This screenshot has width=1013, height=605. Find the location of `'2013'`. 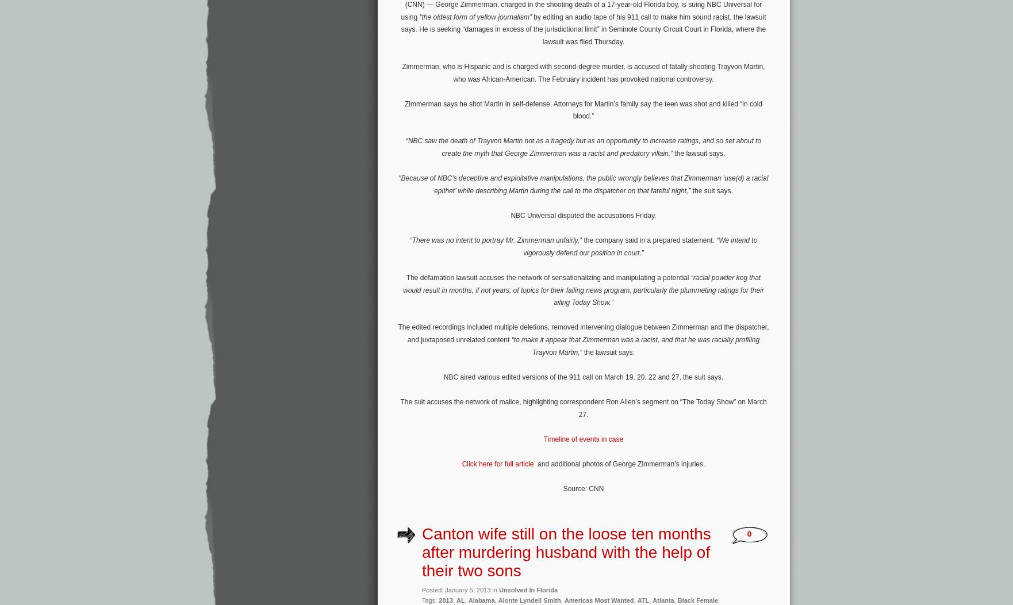

'2013' is located at coordinates (444, 599).